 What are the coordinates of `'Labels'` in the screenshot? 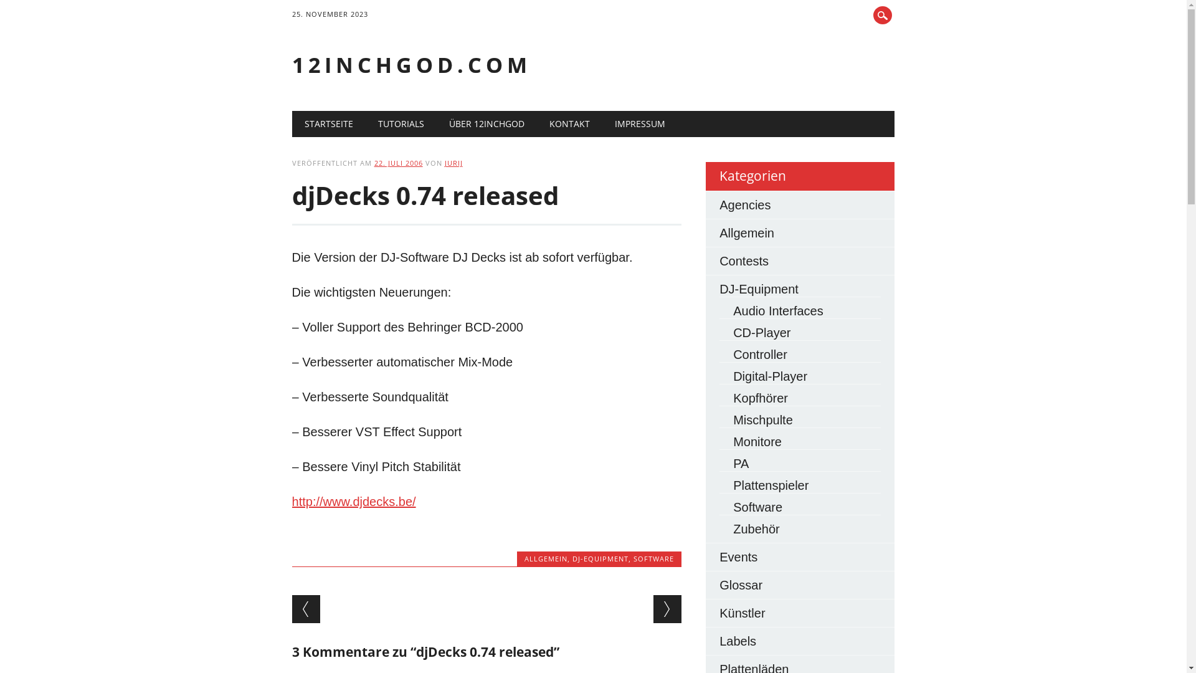 It's located at (738, 641).